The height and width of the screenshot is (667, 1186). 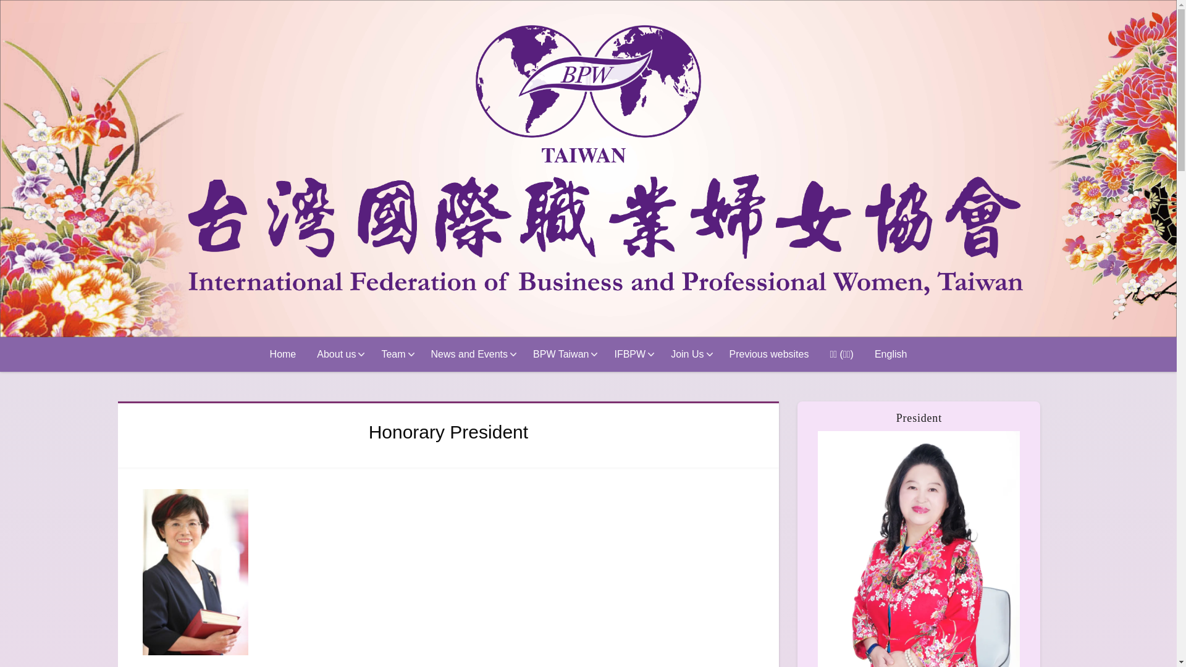 What do you see at coordinates (689, 354) in the screenshot?
I see `'Join Us'` at bounding box center [689, 354].